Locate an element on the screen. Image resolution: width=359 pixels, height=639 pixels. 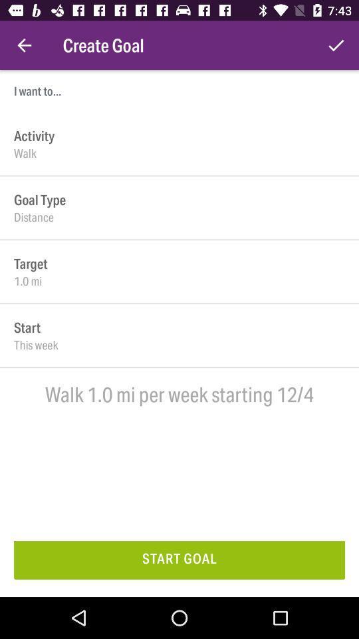
item to the right of create goal icon is located at coordinates (335, 45).